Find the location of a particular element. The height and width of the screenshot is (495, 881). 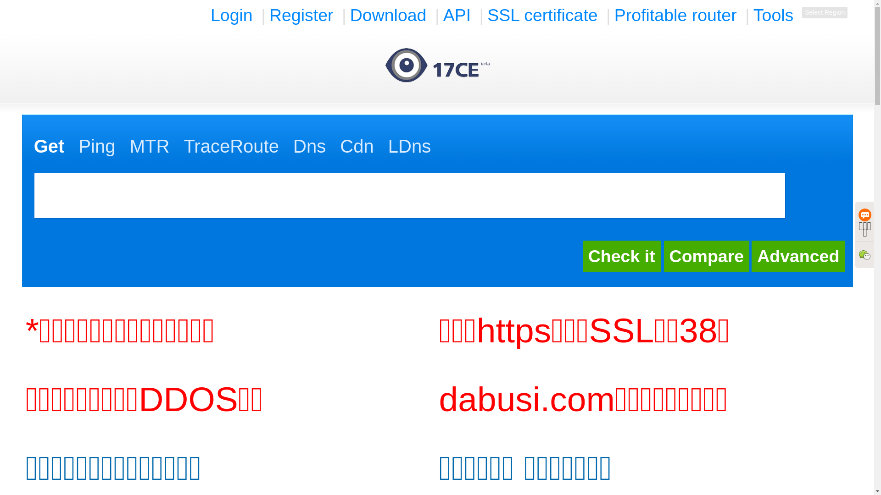

'Register' is located at coordinates (301, 15).